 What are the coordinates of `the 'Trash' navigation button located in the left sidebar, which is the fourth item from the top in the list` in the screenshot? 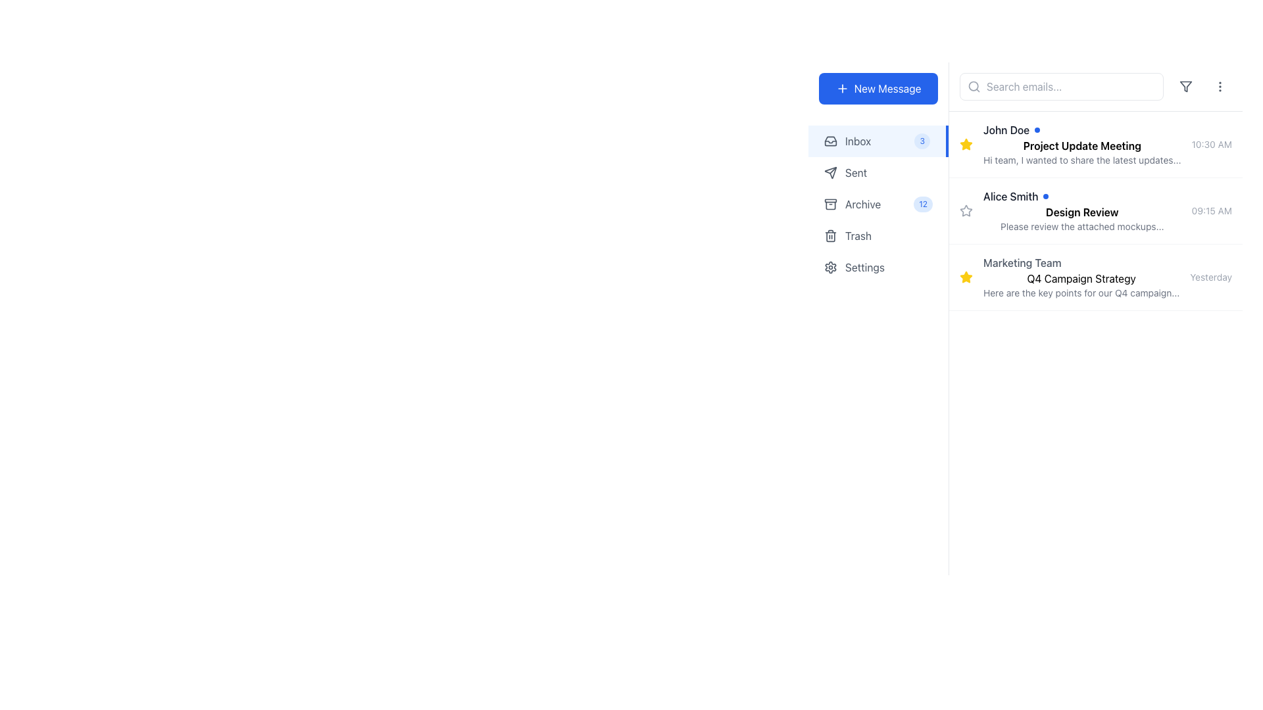 It's located at (878, 235).